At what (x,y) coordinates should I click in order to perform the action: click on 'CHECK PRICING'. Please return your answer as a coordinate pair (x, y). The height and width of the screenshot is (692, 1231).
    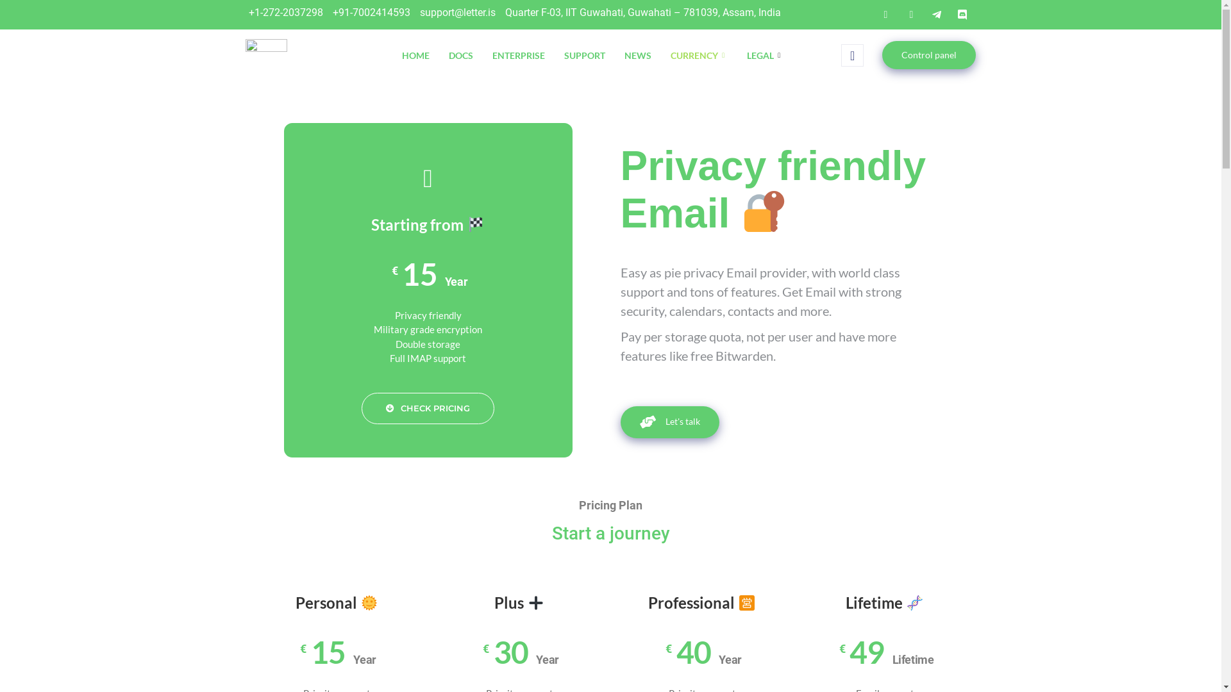
    Looking at the image, I should click on (428, 408).